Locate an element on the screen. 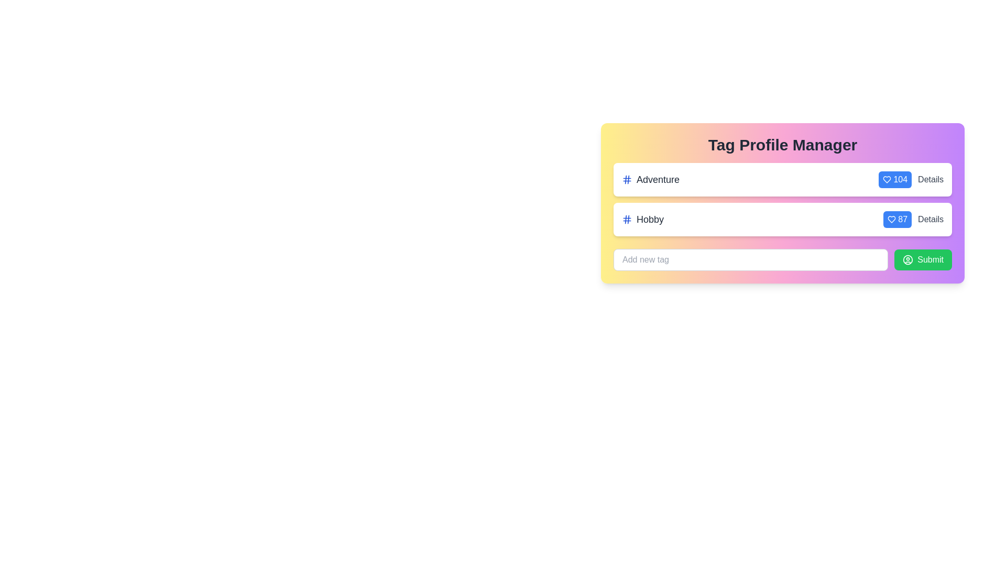 This screenshot has width=1006, height=566. the interactive text label reading 'Details' located at the far right of the first row, which transitions to a darker gray on hover, to potentially view additional context actions is located at coordinates (931, 179).